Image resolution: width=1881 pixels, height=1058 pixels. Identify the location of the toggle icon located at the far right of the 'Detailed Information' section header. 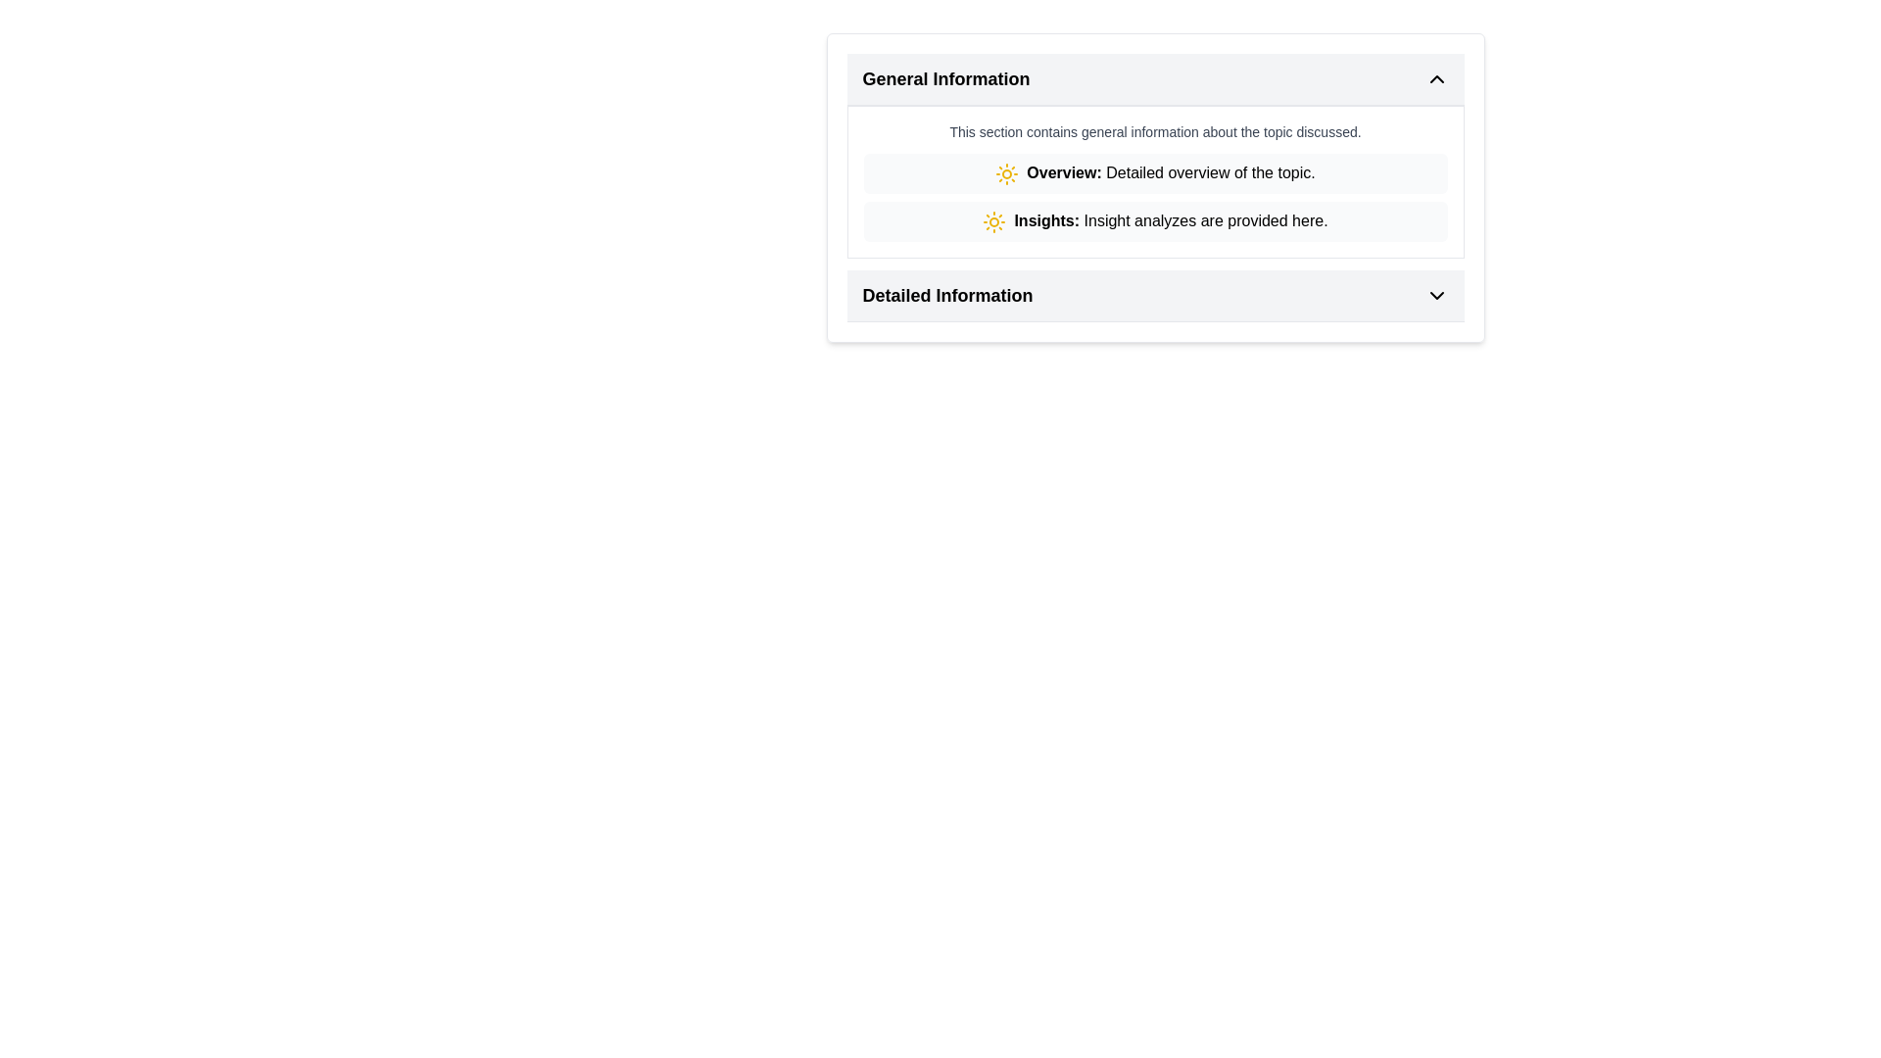
(1436, 295).